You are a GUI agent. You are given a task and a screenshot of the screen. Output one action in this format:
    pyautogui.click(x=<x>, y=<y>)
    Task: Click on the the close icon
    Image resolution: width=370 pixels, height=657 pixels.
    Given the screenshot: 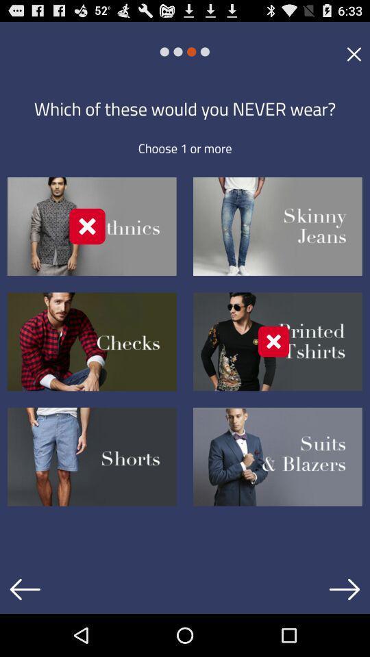 What is the action you would take?
    pyautogui.click(x=354, y=57)
    